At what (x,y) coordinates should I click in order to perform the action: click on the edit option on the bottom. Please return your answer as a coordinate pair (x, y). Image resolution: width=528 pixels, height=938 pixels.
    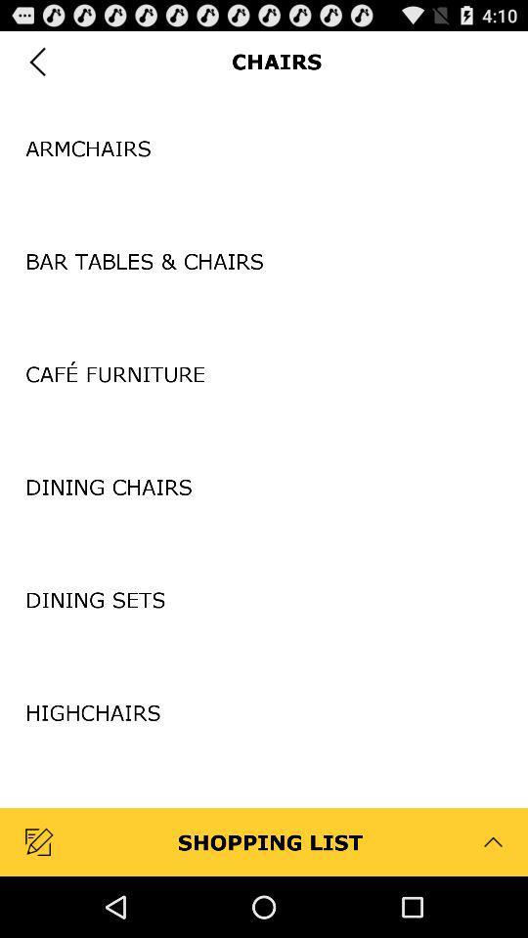
    Looking at the image, I should click on (41, 840).